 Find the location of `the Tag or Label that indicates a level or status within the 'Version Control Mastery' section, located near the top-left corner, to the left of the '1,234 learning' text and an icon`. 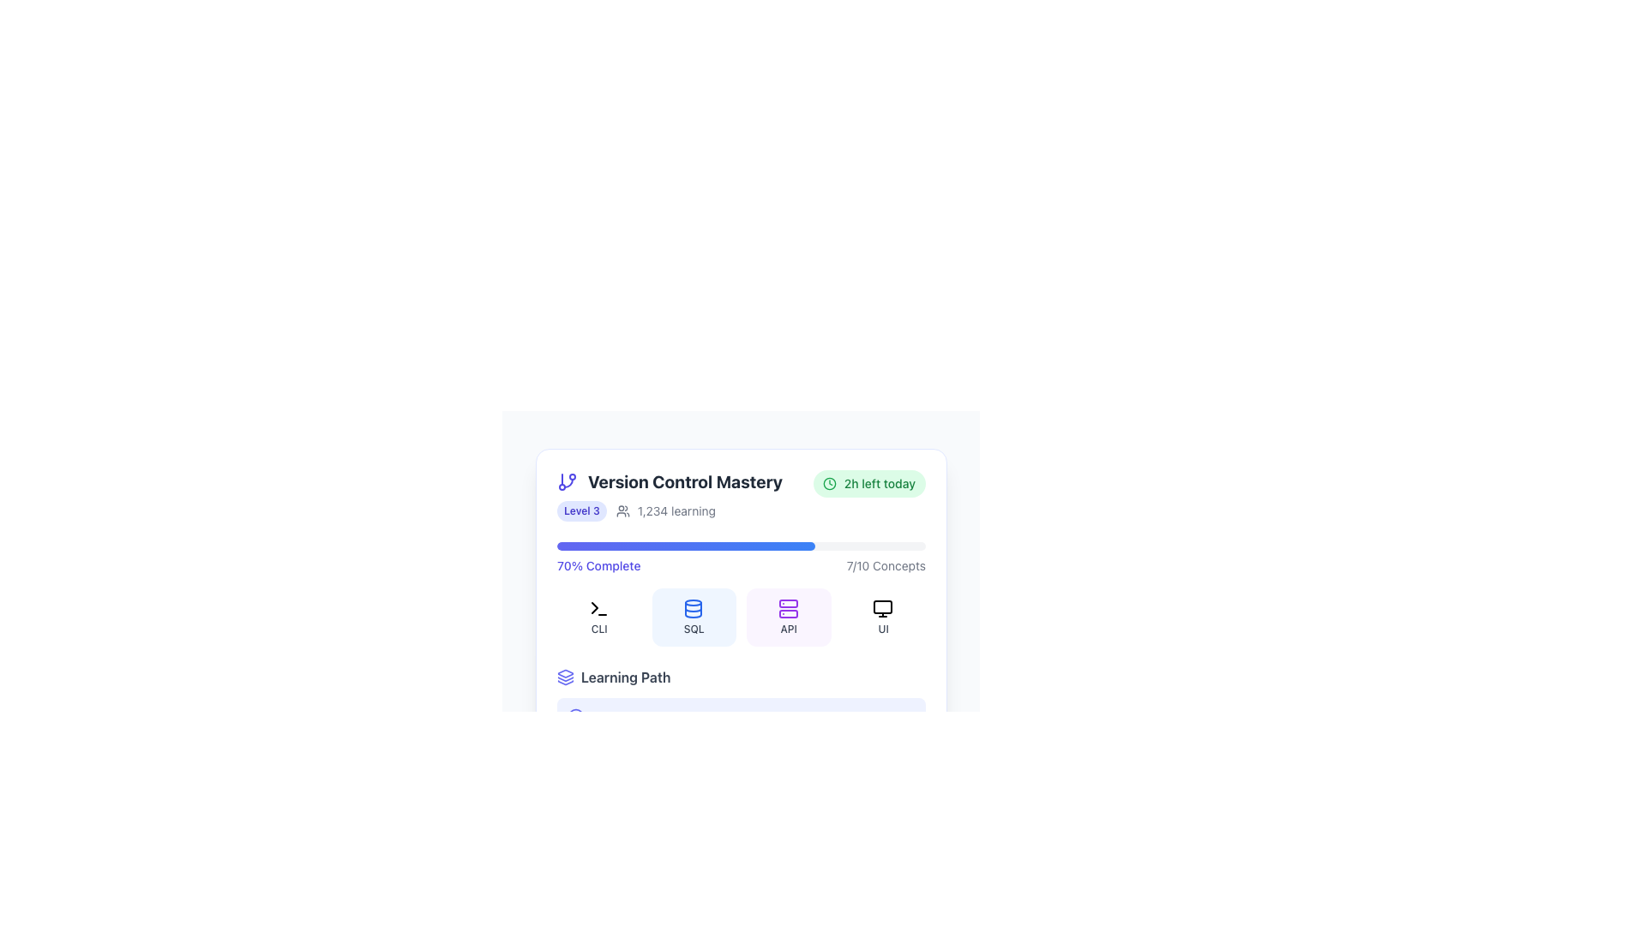

the Tag or Label that indicates a level or status within the 'Version Control Mastery' section, located near the top-left corner, to the left of the '1,234 learning' text and an icon is located at coordinates (581, 510).